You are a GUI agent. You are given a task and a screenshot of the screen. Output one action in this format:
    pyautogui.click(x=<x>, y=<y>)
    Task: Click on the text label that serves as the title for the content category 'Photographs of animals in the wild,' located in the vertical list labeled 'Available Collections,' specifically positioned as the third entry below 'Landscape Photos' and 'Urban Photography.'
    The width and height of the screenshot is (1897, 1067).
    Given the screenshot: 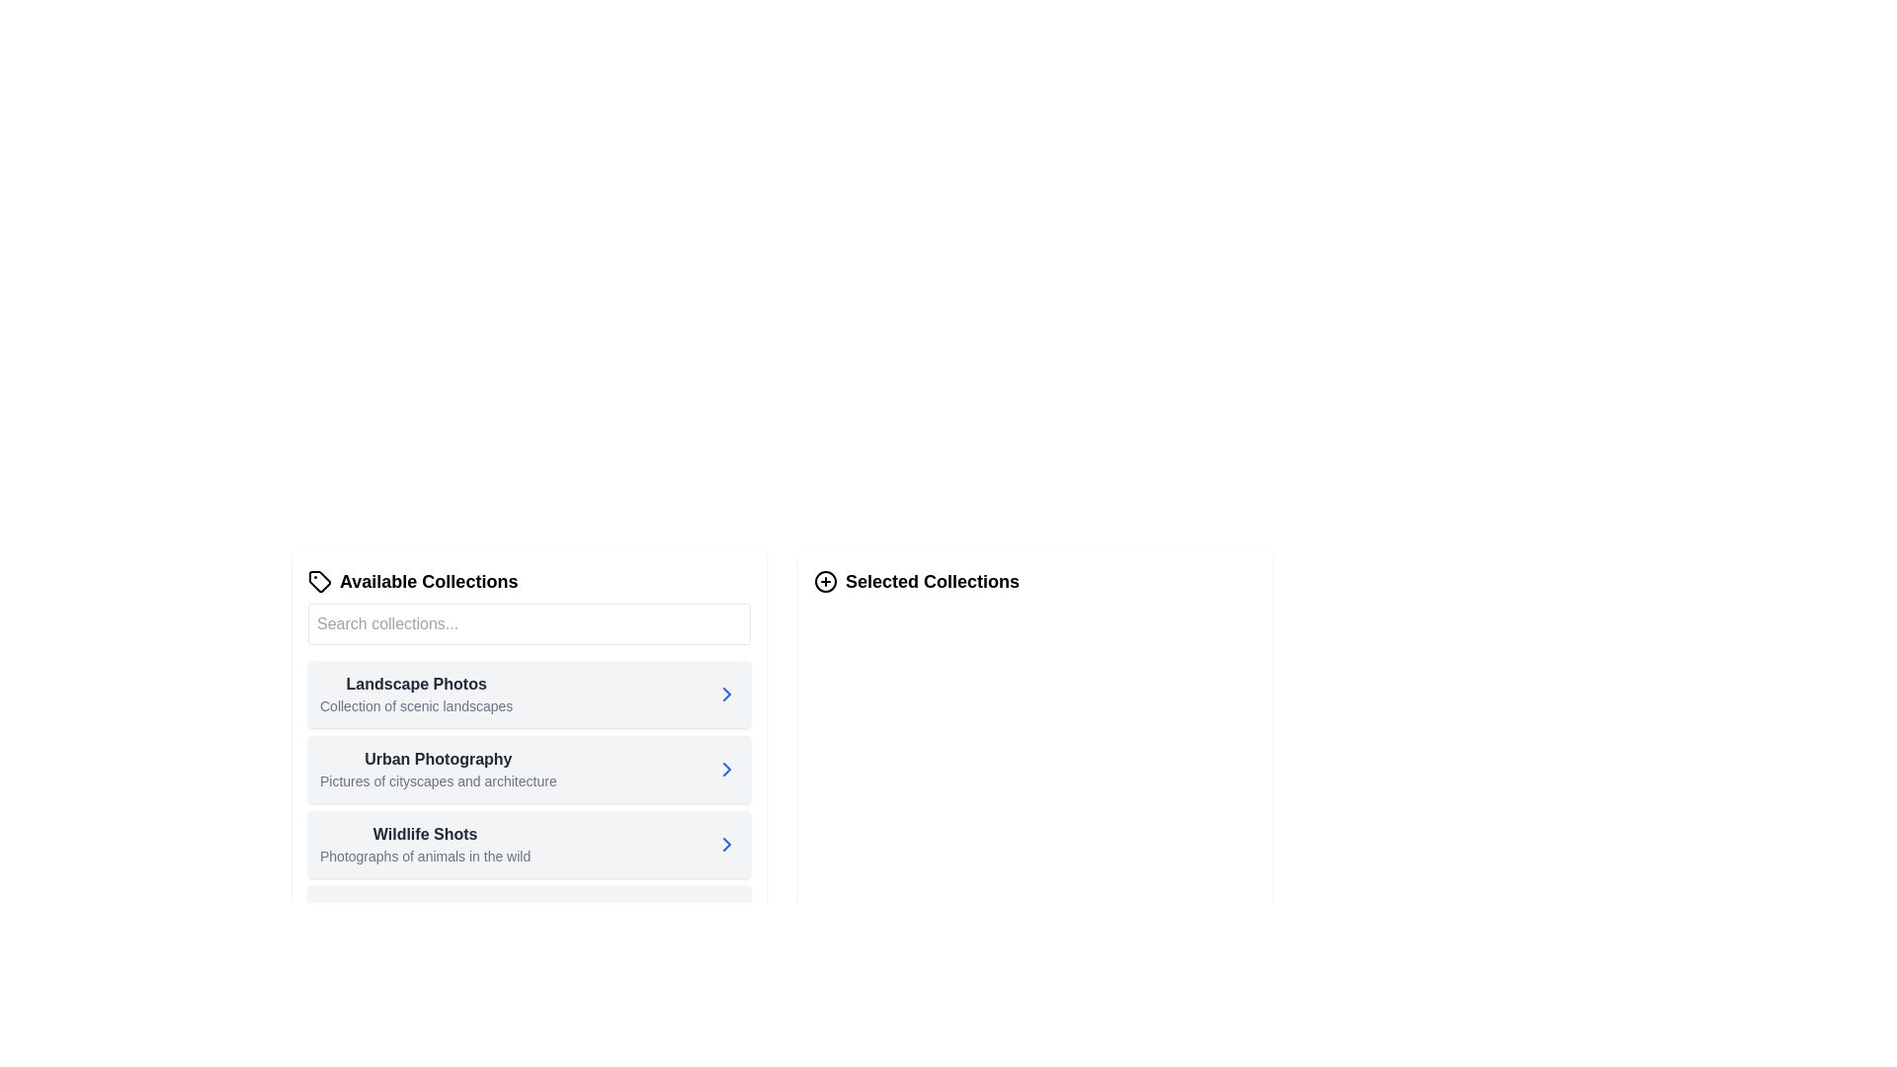 What is the action you would take?
    pyautogui.click(x=424, y=834)
    